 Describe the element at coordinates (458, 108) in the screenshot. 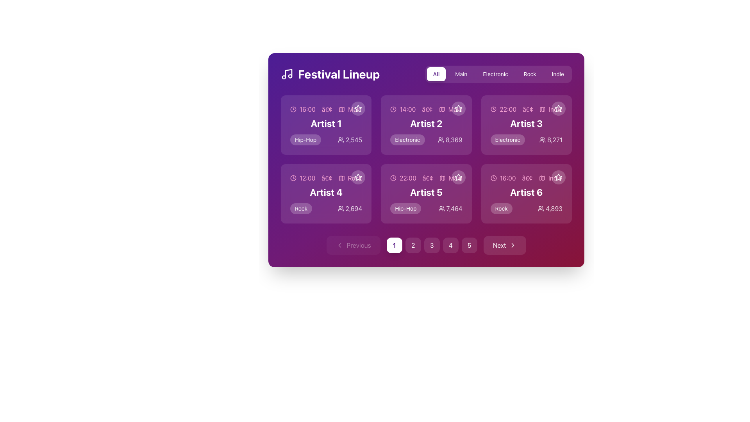

I see `the star icon located in the 'Artist 2' section to mark or unmark the entity as favorite` at that location.